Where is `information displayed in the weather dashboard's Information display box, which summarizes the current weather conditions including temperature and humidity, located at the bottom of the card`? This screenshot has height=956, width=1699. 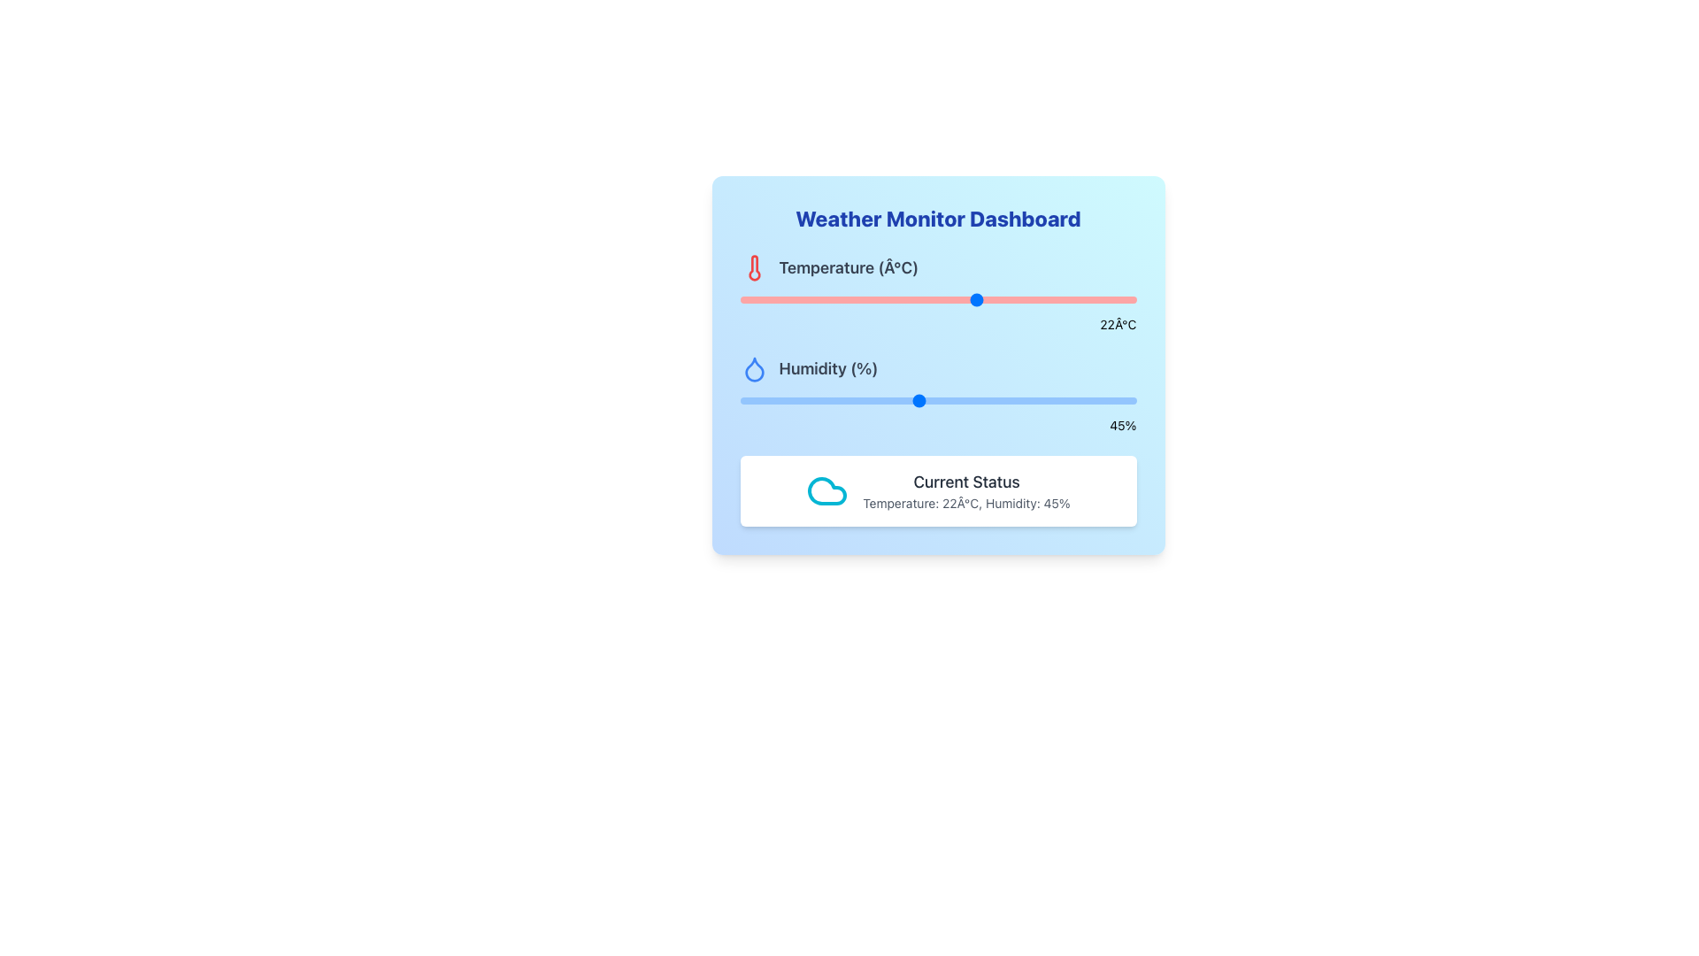 information displayed in the weather dashboard's Information display box, which summarizes the current weather conditions including temperature and humidity, located at the bottom of the card is located at coordinates (937, 491).